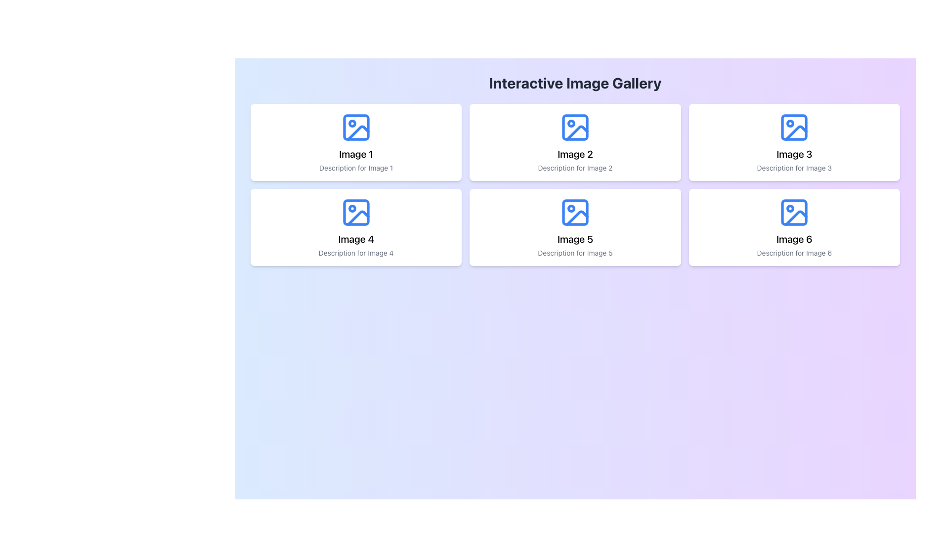 The height and width of the screenshot is (534, 949). What do you see at coordinates (794, 142) in the screenshot?
I see `the visual card with text and icon located in the rightmost position of the top row of a 3x2 grid layout` at bounding box center [794, 142].